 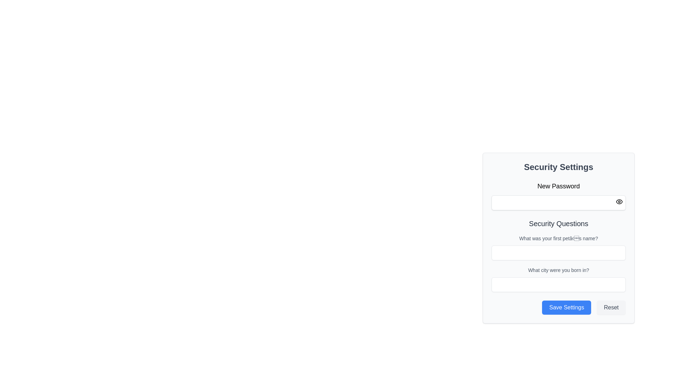 What do you see at coordinates (558, 255) in the screenshot?
I see `the 'Security Questions' section within the 'Security Settings' form` at bounding box center [558, 255].